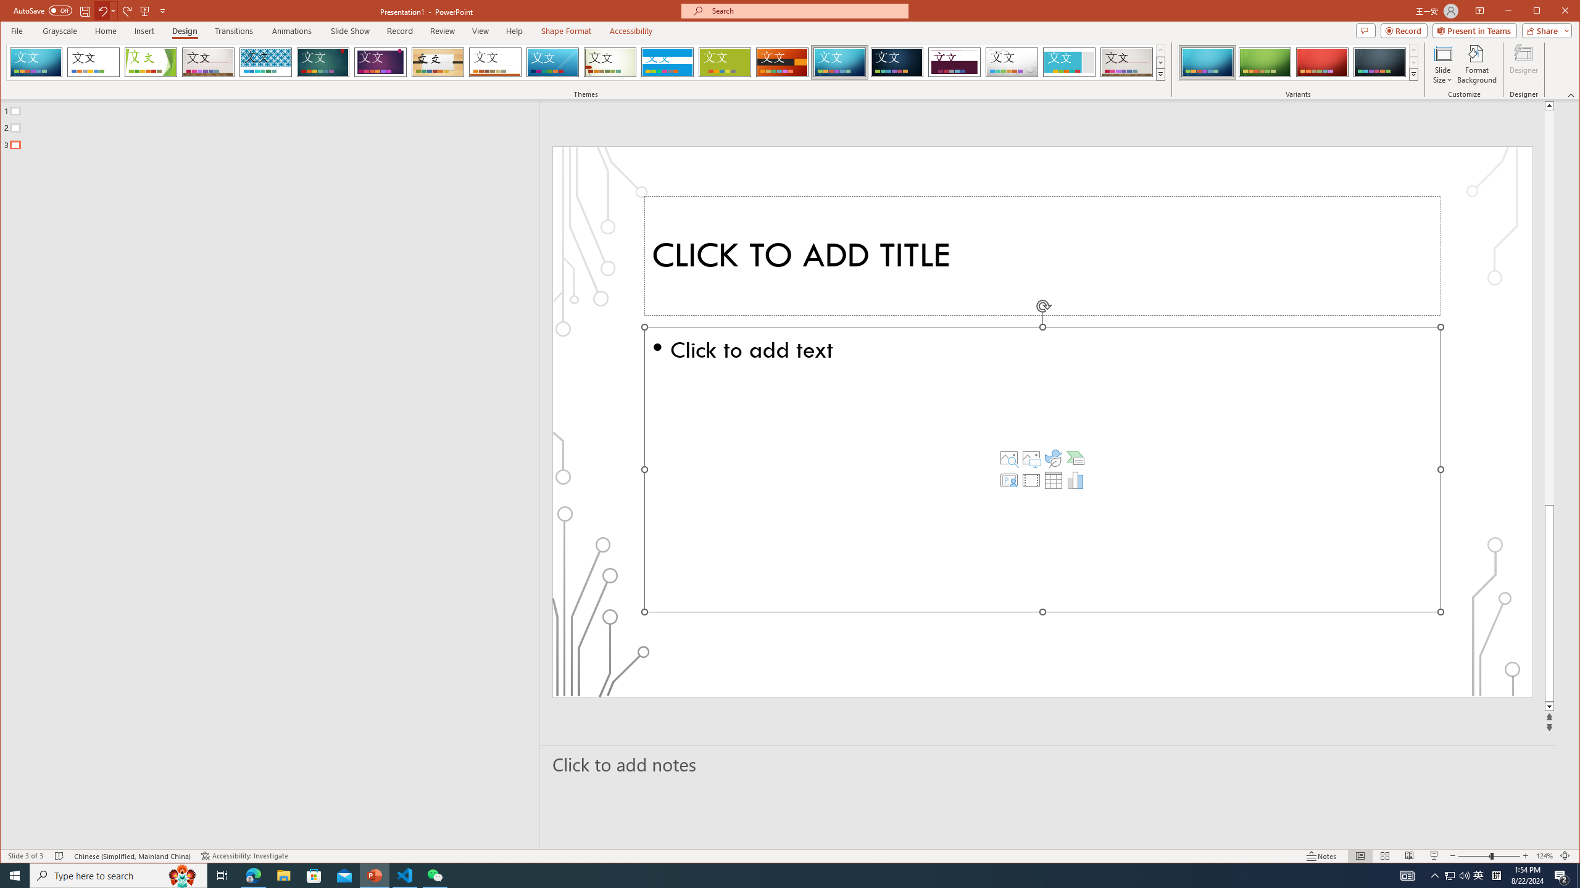 The image size is (1580, 888). I want to click on 'Integral', so click(265, 62).